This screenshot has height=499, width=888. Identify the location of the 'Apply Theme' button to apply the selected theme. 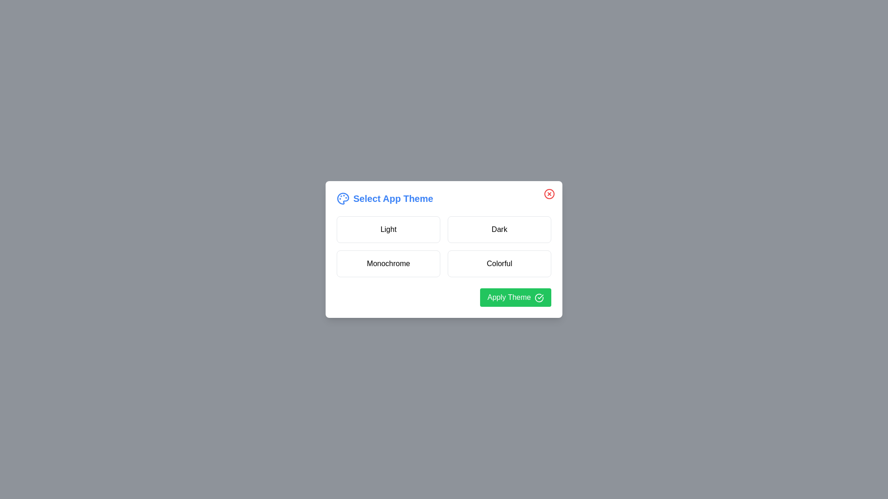
(515, 298).